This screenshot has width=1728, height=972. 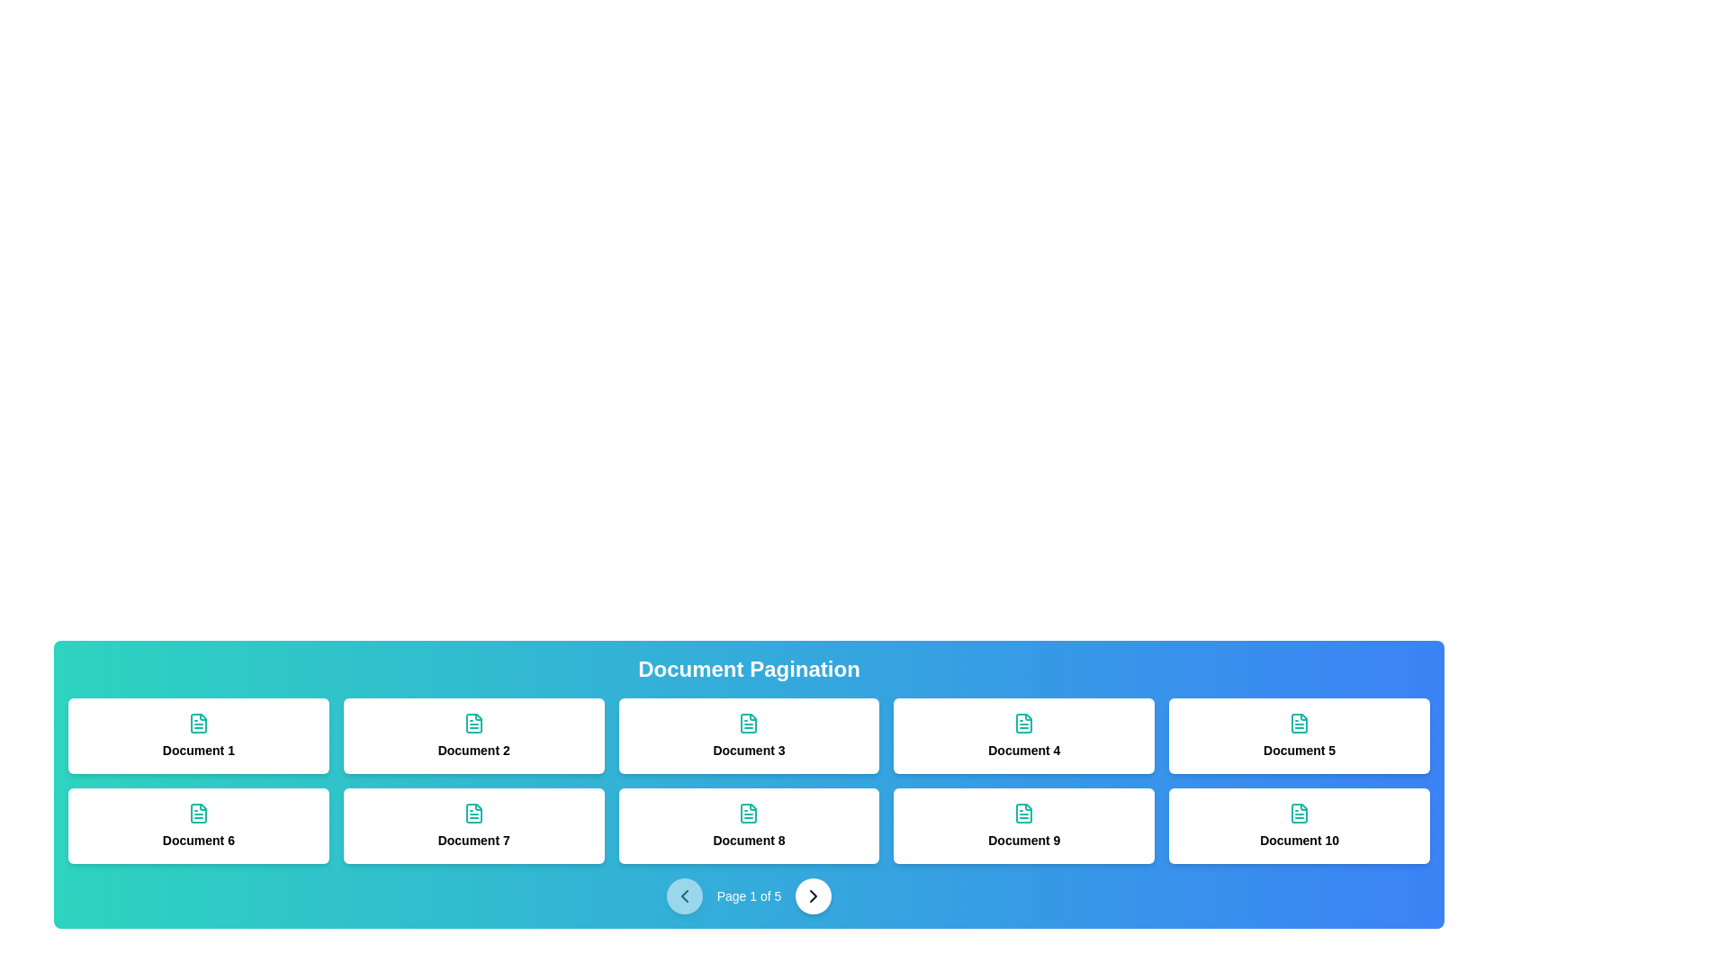 I want to click on the chevron-shaped right-facing arrow icon embedded in the pagination controls, so click(x=813, y=895).